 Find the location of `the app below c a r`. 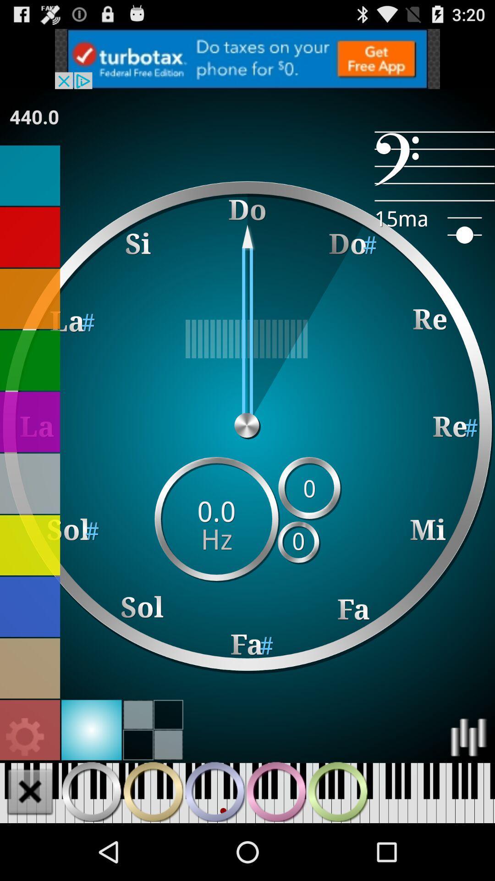

the app below c a r is located at coordinates (33, 116).